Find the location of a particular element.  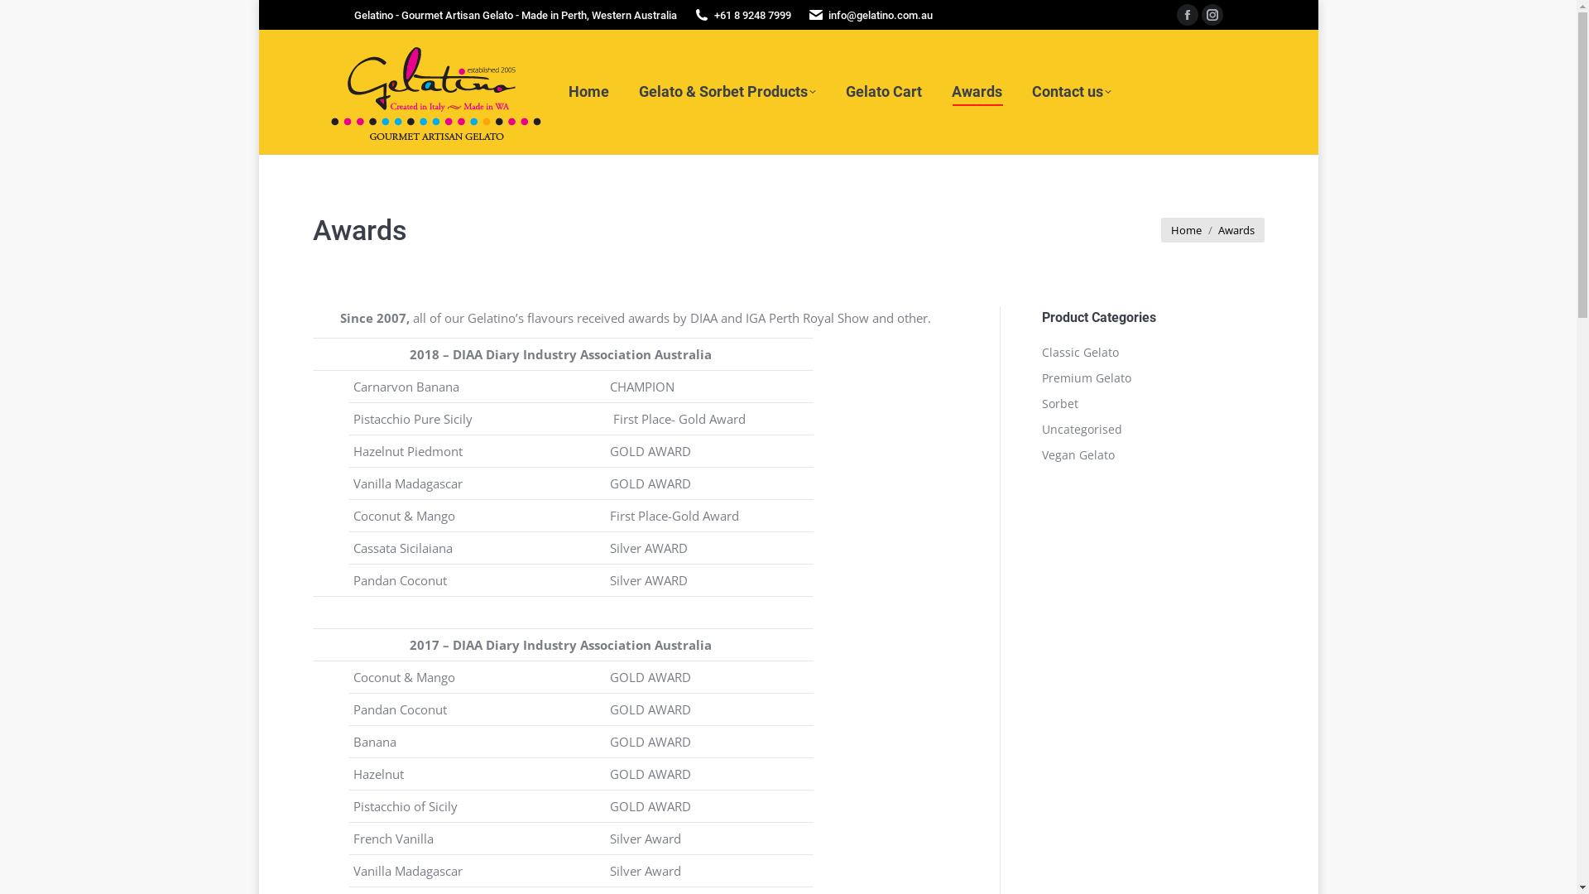

'Contact us' is located at coordinates (1071, 92).